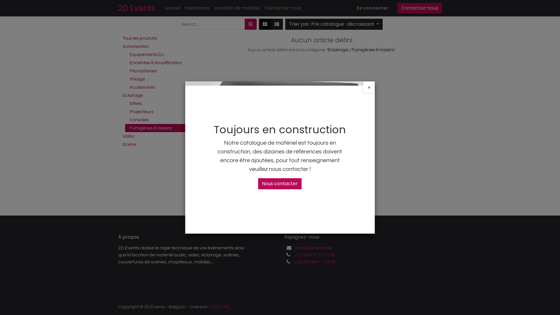 Image resolution: width=560 pixels, height=315 pixels. What do you see at coordinates (270, 24) in the screenshot?
I see `'Liste'` at bounding box center [270, 24].